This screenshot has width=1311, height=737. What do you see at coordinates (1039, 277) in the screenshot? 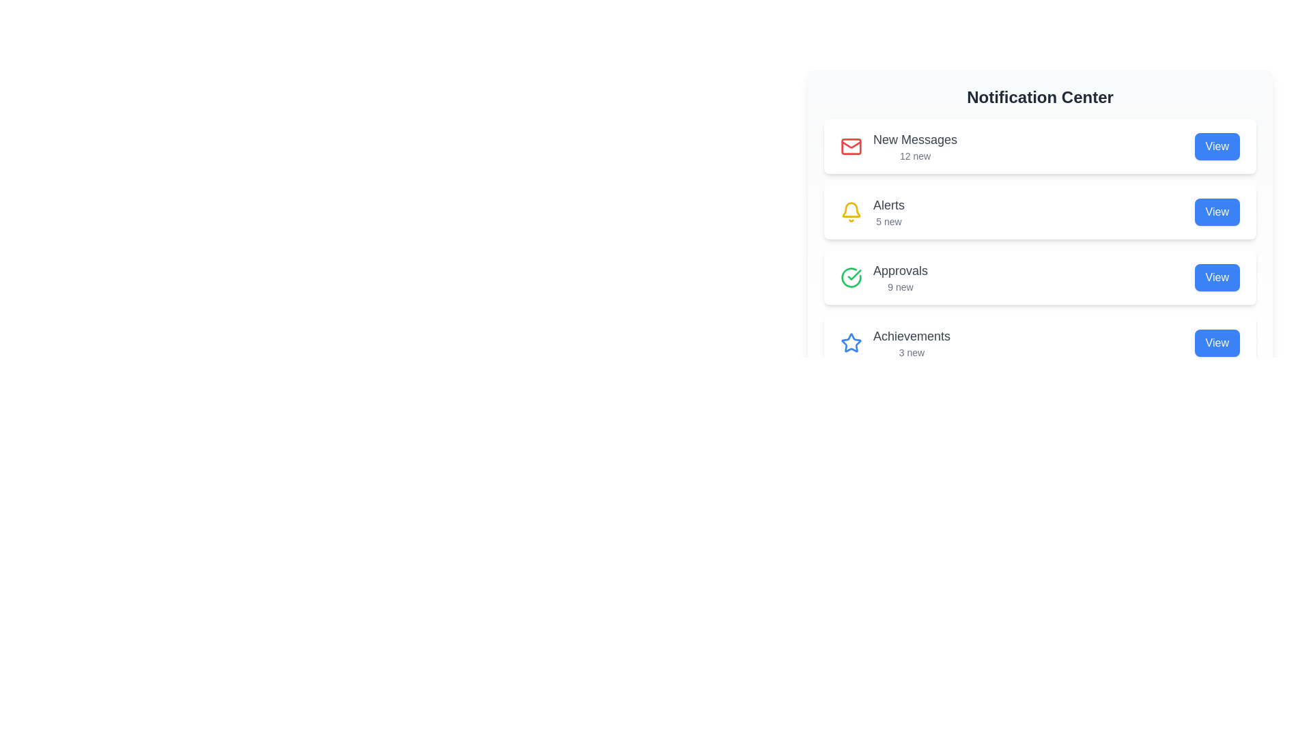
I see `the Notification item titled 'Approvals' with the blue 'View' button to emphasize the element and view additional information` at bounding box center [1039, 277].